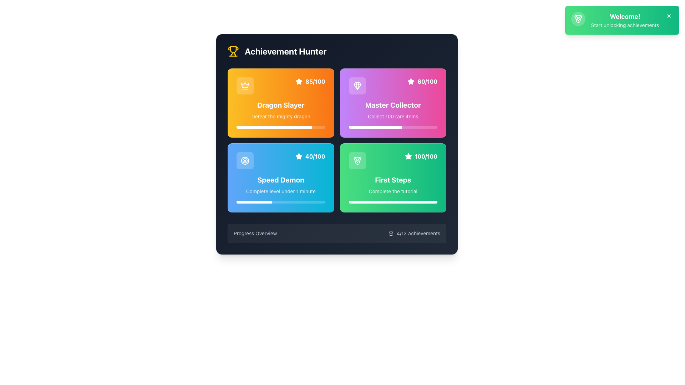 The height and width of the screenshot is (385, 685). What do you see at coordinates (299, 81) in the screenshot?
I see `the star icon representing the 'Dragon Slayer' achievement located in the top-left corner of the grid of achievement cards, near the text '85/100'` at bounding box center [299, 81].